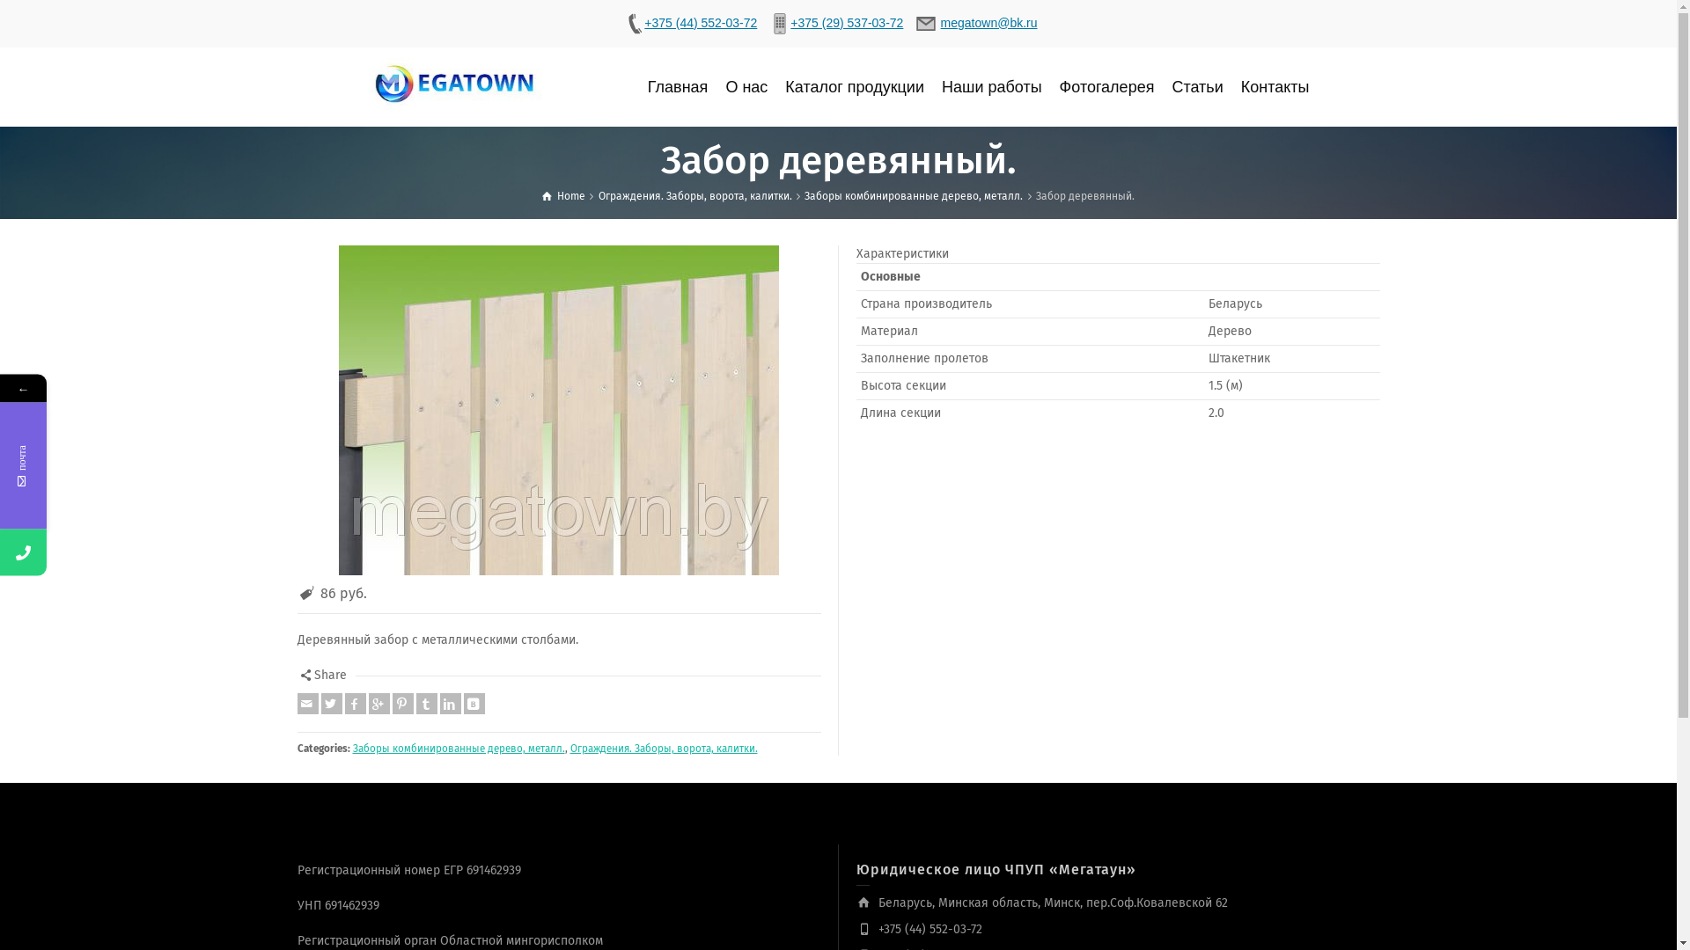 The height and width of the screenshot is (950, 1690). I want to click on 'Facebook', so click(354, 702).